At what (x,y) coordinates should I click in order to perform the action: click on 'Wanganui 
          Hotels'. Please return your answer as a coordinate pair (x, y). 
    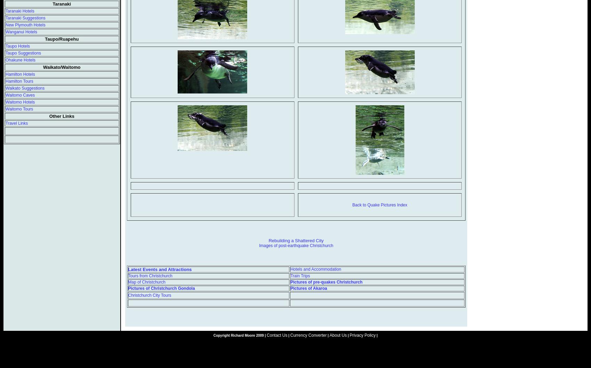
    Looking at the image, I should click on (5, 32).